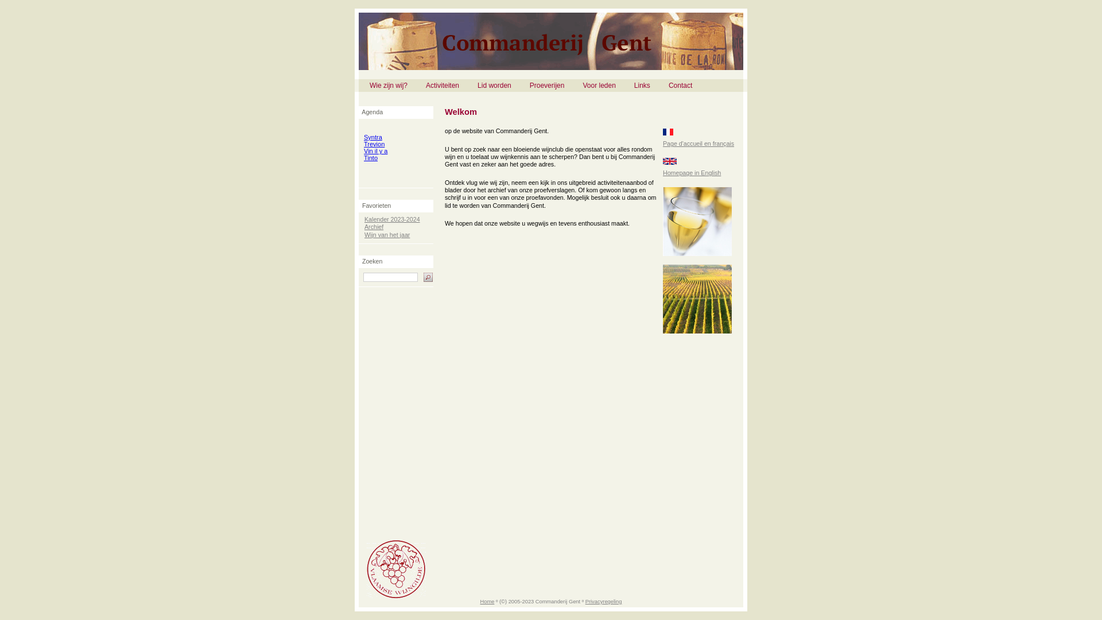 The image size is (1102, 620). I want to click on 'Lid worden', so click(494, 85).